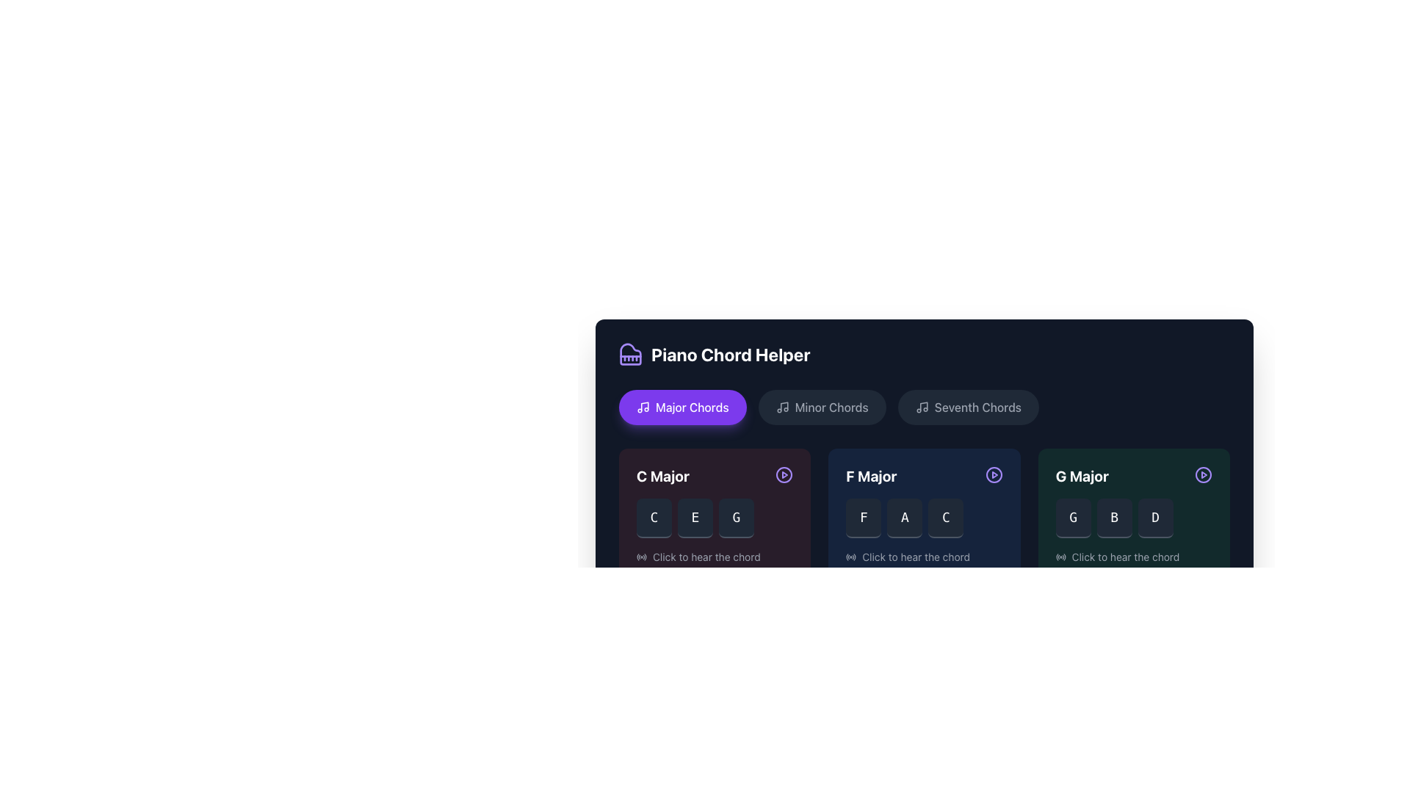 Image resolution: width=1410 pixels, height=793 pixels. I want to click on the 'F' note button in the 'F Major' chord group, so click(864, 517).